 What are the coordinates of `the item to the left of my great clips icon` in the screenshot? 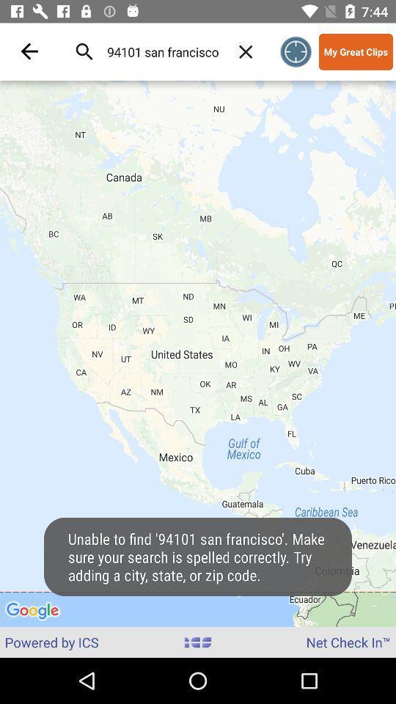 It's located at (296, 51).